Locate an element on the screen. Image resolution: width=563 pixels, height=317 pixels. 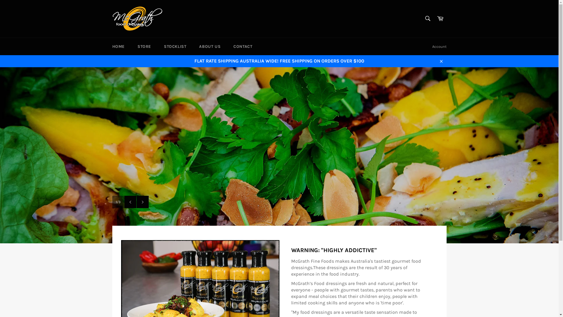
'Previous slide' is located at coordinates (130, 201).